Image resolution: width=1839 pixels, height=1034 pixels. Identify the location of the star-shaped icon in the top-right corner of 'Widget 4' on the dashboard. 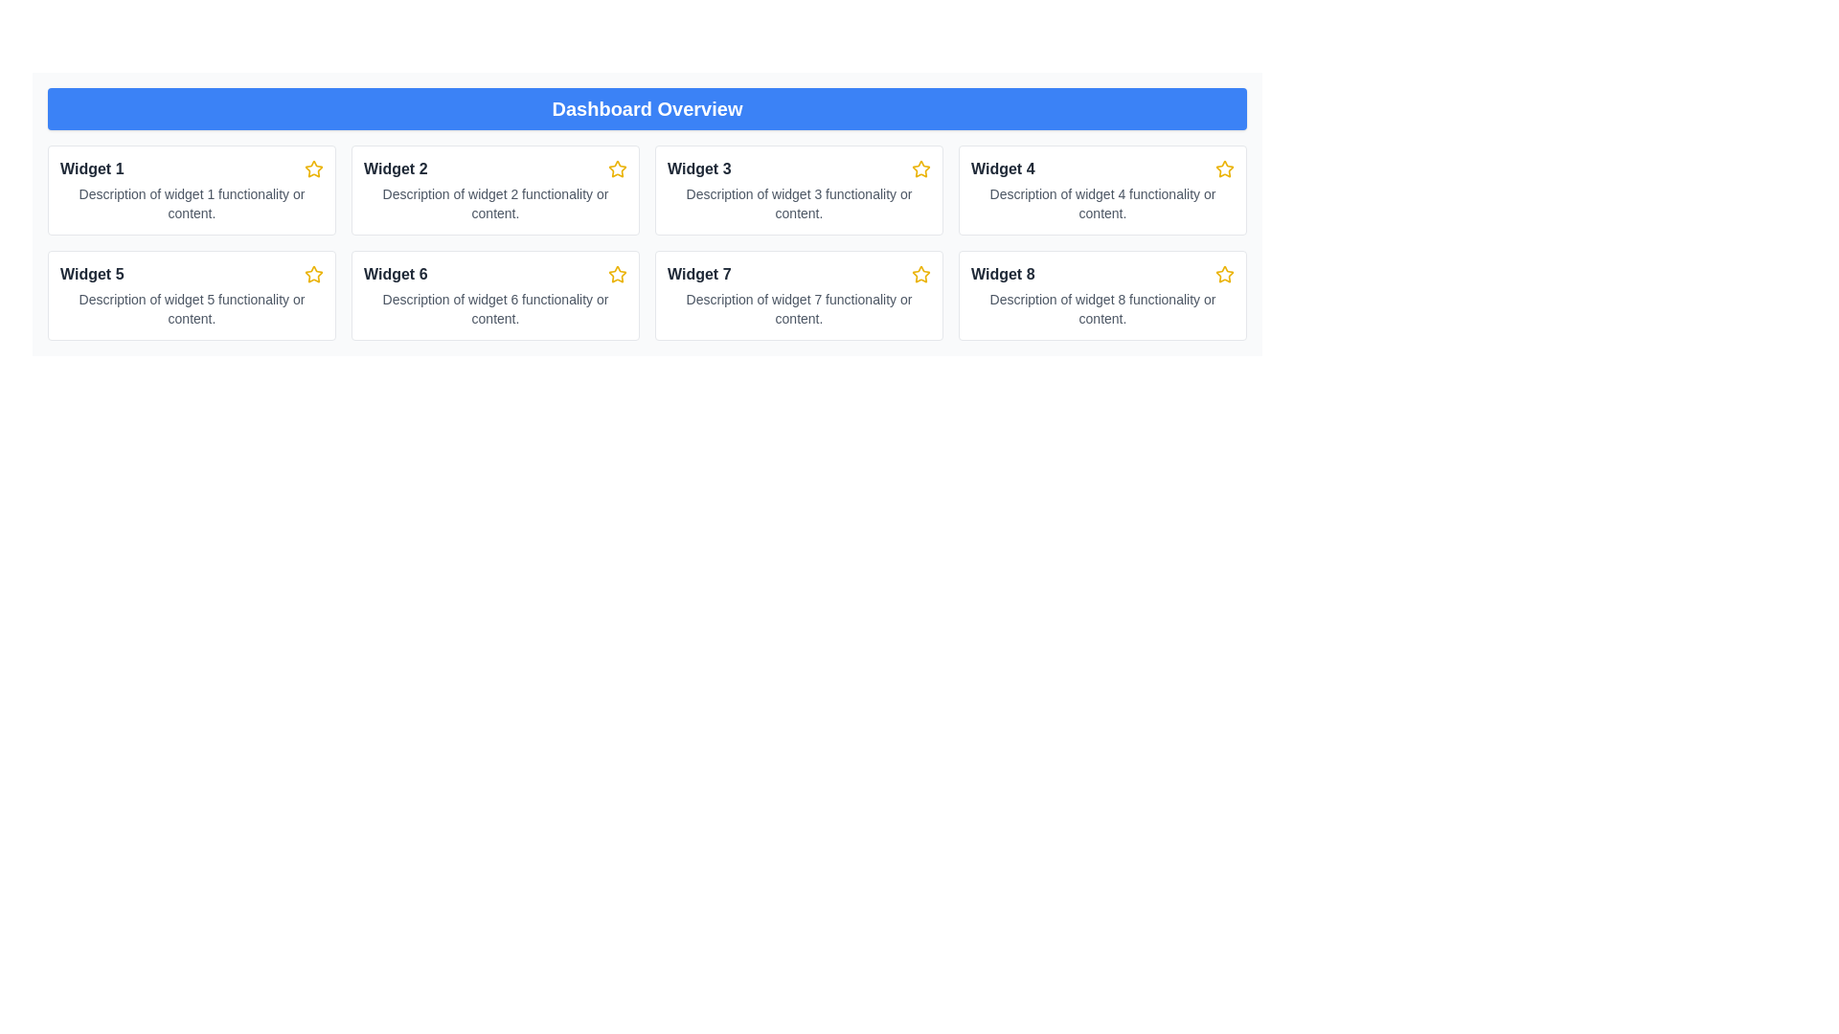
(1223, 169).